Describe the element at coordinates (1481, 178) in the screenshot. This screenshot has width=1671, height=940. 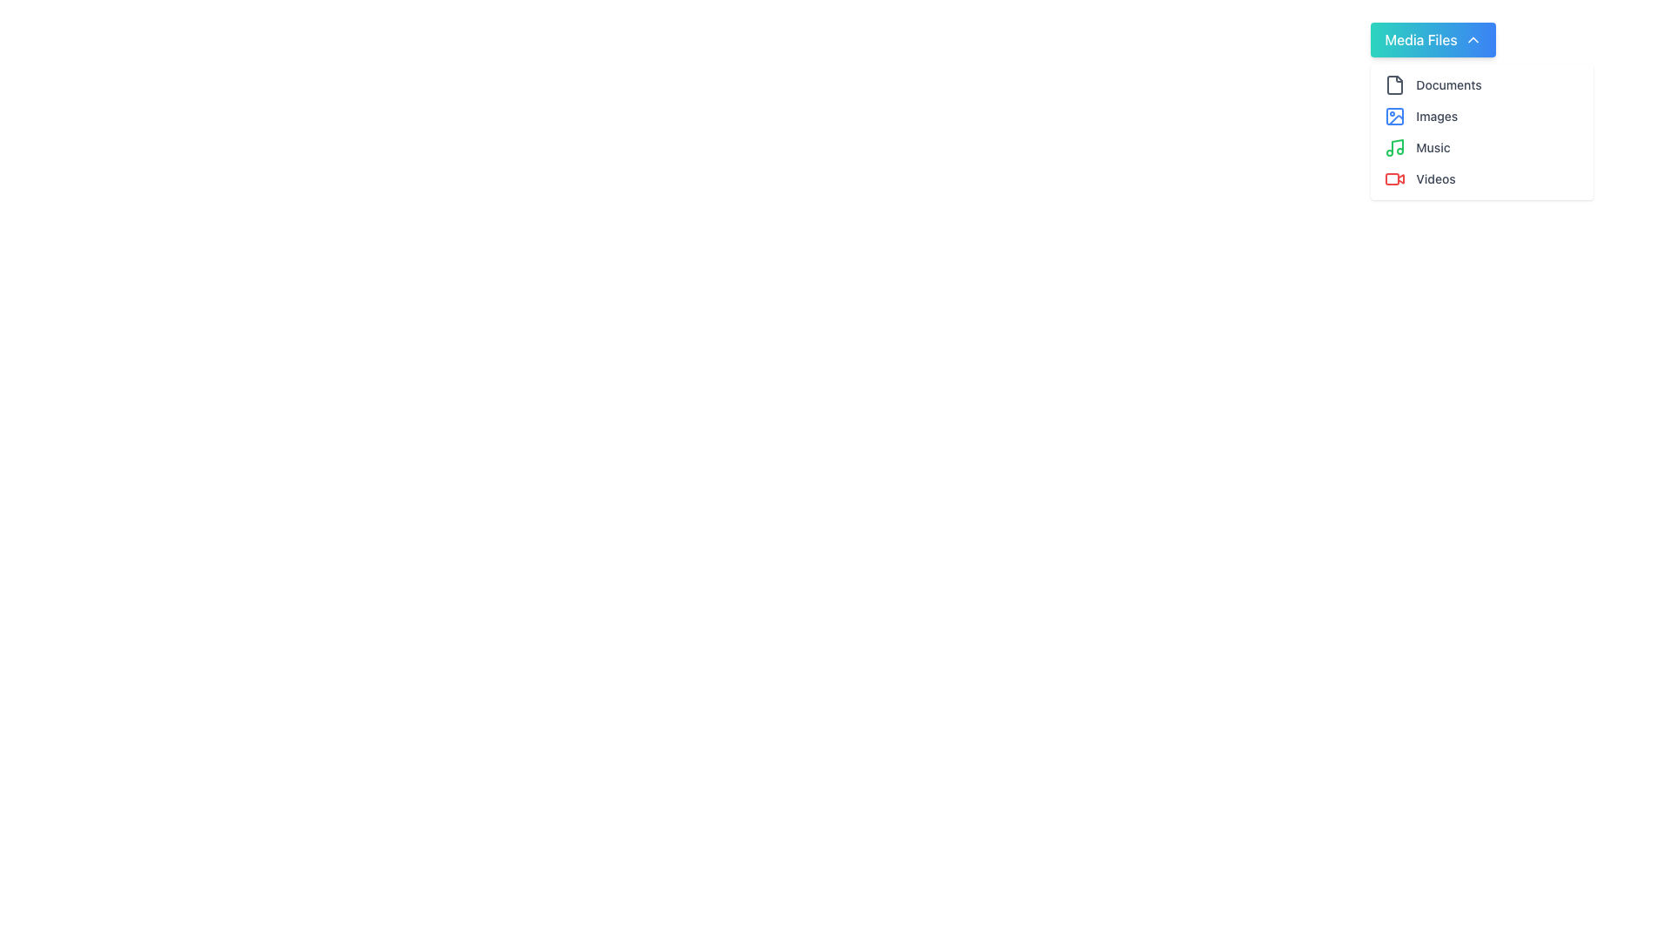
I see `the 'Videos' list item in the dropdown menu` at that location.